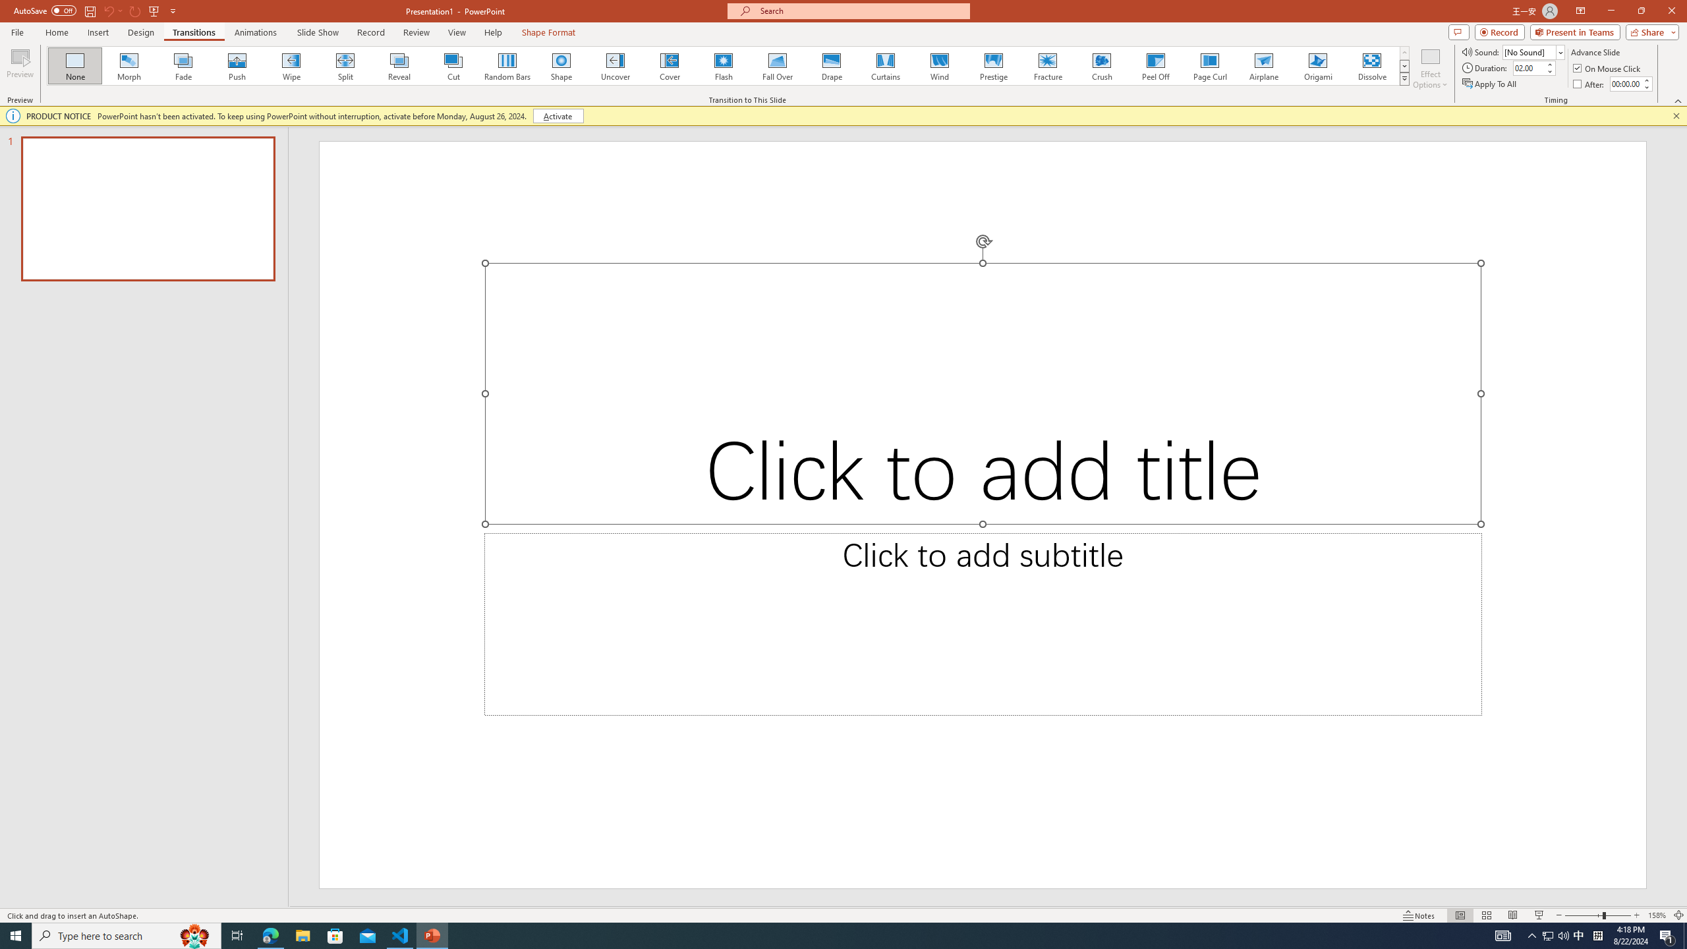 Image resolution: width=1687 pixels, height=949 pixels. What do you see at coordinates (1263, 65) in the screenshot?
I see `'Airplane'` at bounding box center [1263, 65].